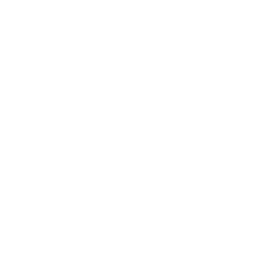  Describe the element at coordinates (134, 192) in the screenshot. I see `'Still questioning diversity? Maybe you’re asking the wrong question'` at that location.